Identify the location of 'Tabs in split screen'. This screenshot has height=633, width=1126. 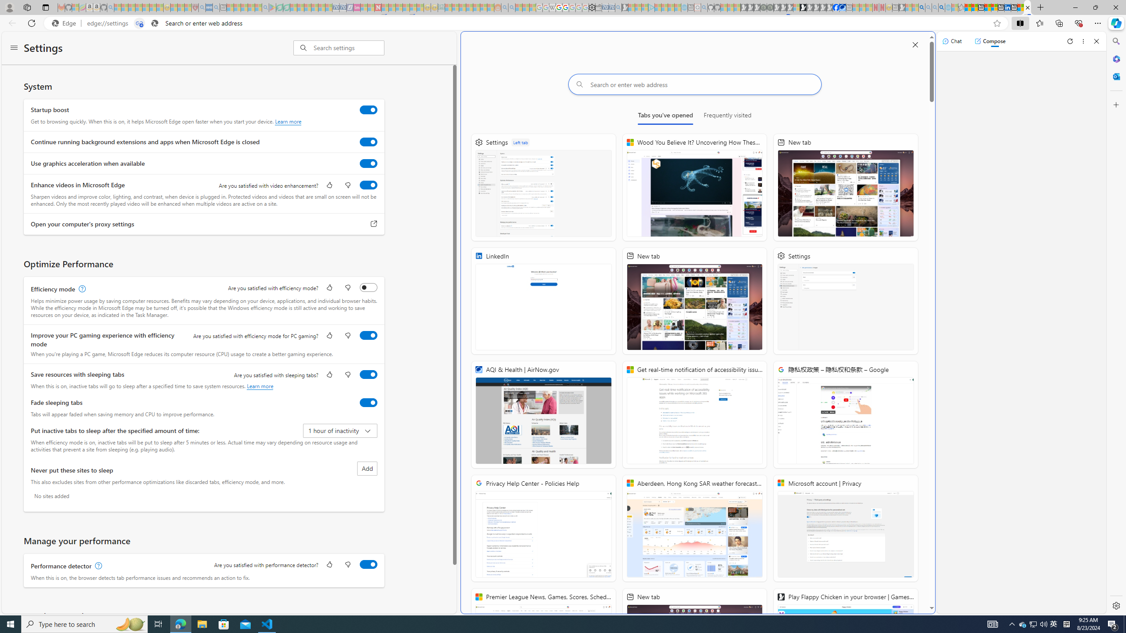
(139, 23).